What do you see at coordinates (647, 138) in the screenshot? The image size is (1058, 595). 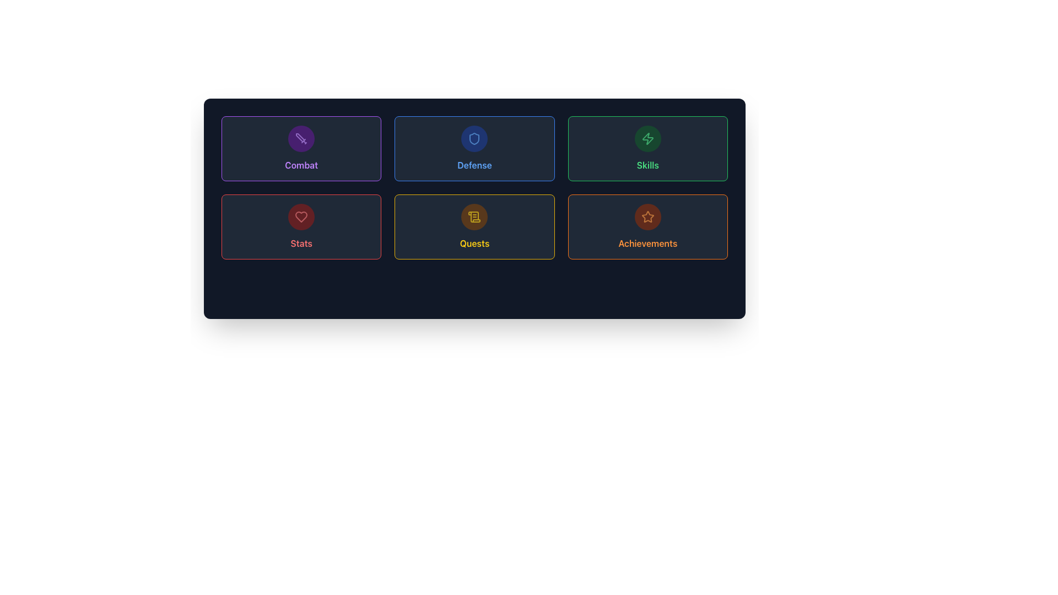 I see `the energy or power-related icon in the 'Skills' section` at bounding box center [647, 138].